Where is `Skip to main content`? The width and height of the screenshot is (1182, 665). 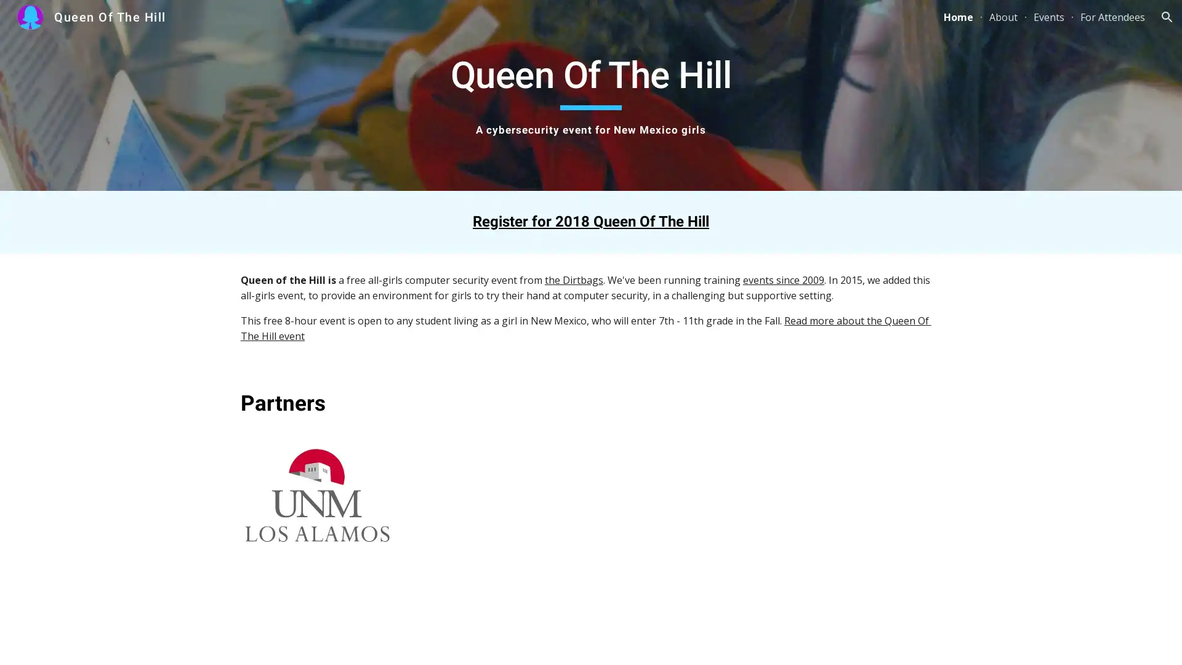
Skip to main content is located at coordinates (484, 23).